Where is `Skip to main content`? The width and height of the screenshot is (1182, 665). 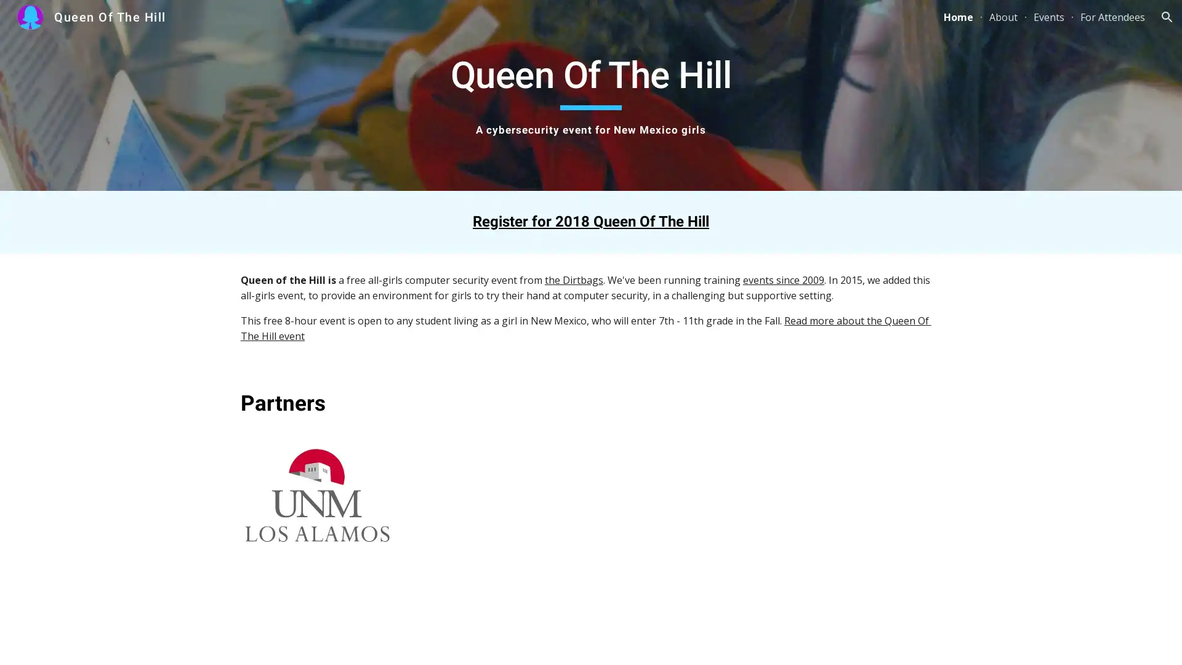
Skip to main content is located at coordinates (484, 23).